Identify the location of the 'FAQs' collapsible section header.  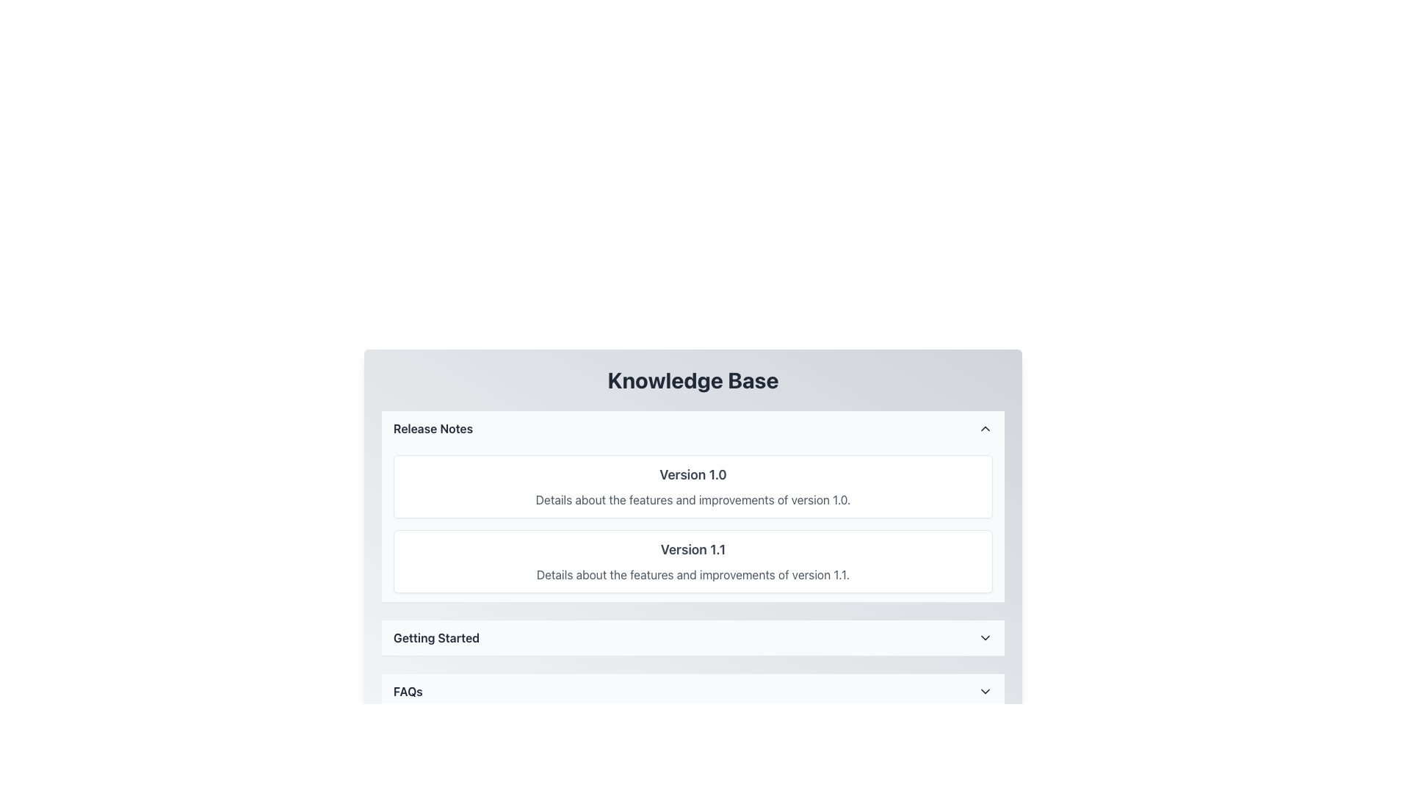
(693, 691).